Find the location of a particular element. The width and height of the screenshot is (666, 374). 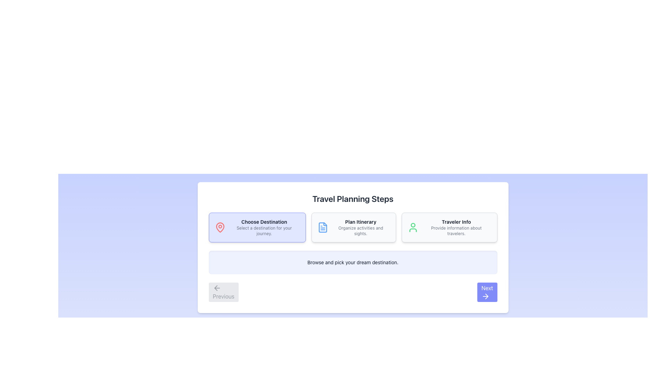

the left arrow icon contained within the 'Previous' button located in the bottom-left corner of the user interface is located at coordinates (215, 288).